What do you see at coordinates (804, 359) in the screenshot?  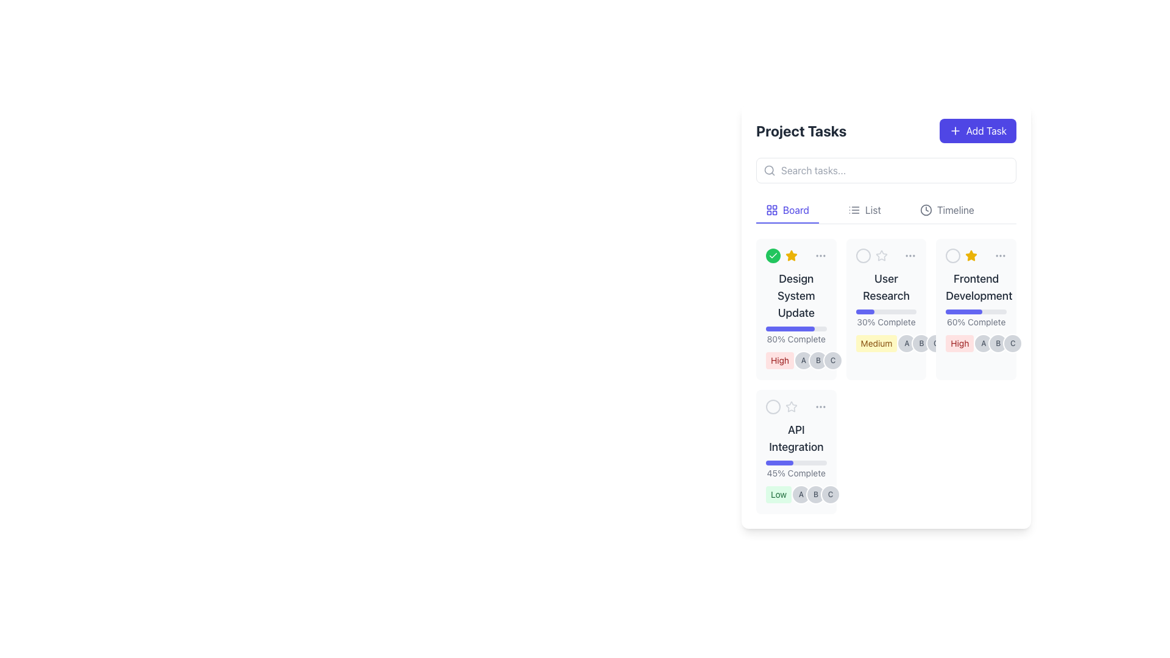 I see `the circular icon labeled 'A' with a light gray background and white border` at bounding box center [804, 359].